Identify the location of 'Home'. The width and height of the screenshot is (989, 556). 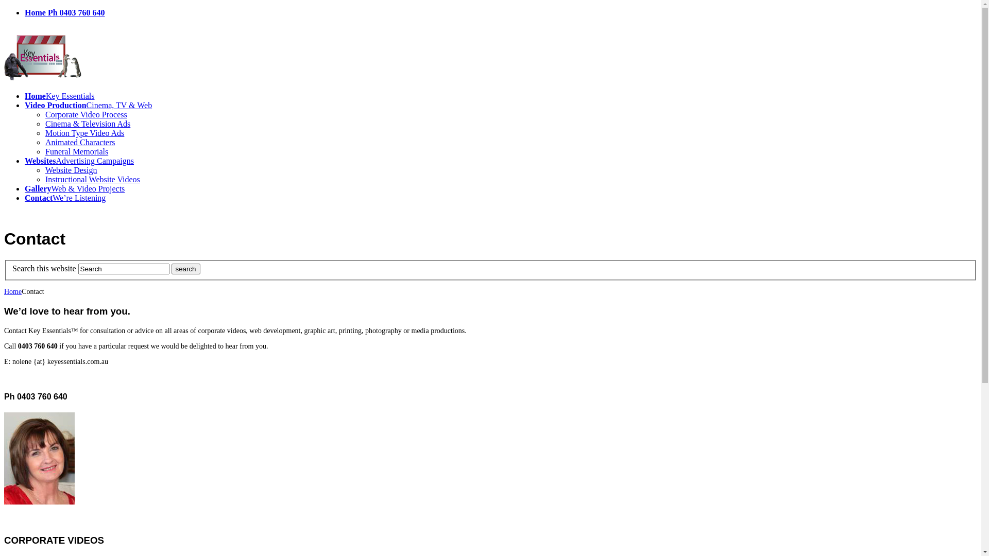
(4, 291).